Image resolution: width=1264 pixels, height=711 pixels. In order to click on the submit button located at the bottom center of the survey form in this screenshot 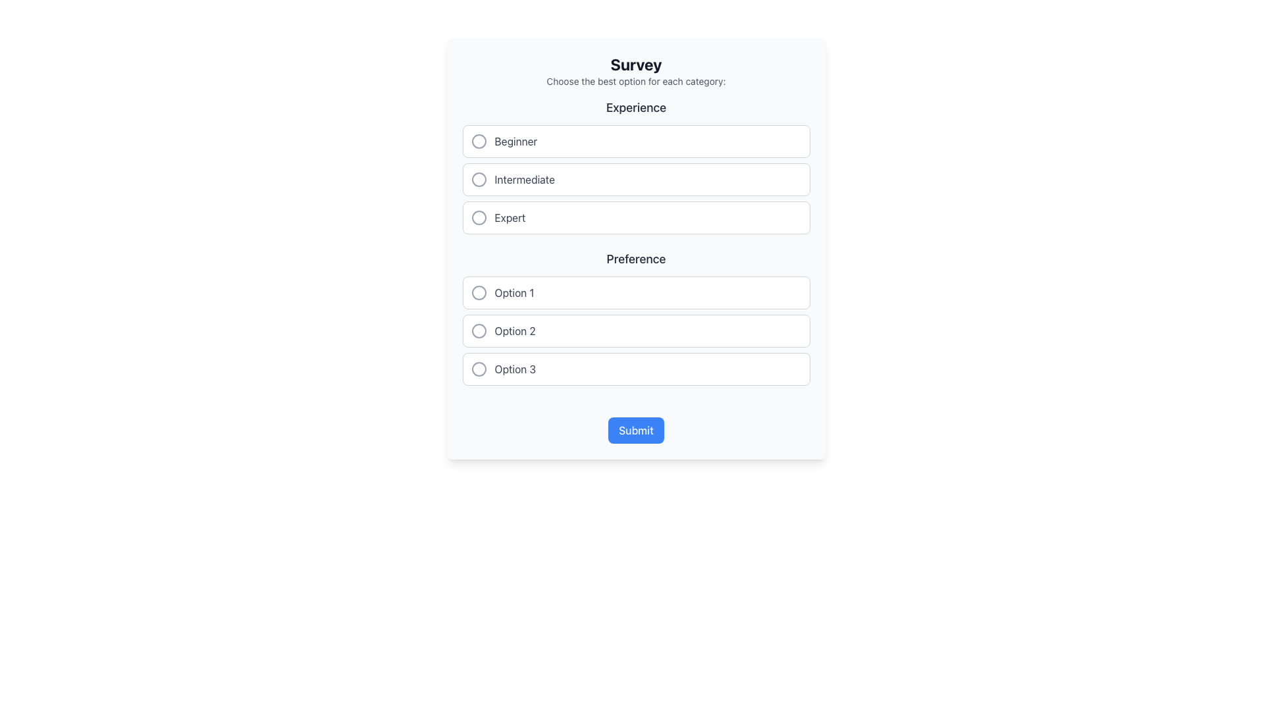, I will do `click(636, 431)`.